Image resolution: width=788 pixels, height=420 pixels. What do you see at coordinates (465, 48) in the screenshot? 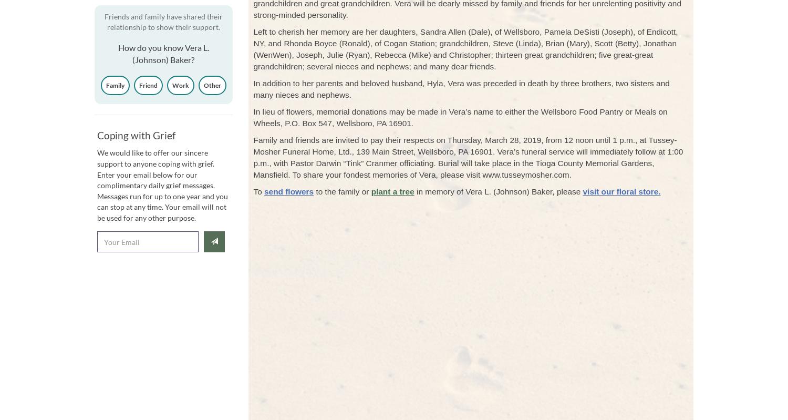
I see `'Left to cherish her memory are her daughters, Sandra Allen (Dale), of Wellsboro, Pamela DeSisti (Joseph), of Endicott, NY, and Rhonda Boyce (Ronald), of Cogan Station; grandchildren, Steve (Linda), Brian (Mary), Scott (Betty), Jonathan (WenWen), Joseph, Julie (Ryan), Rebecca (Mike) and Christopher; thirteen great grandchildren; five great-great grandchildren; several nieces and nephews; and many dear friends.'` at bounding box center [465, 48].